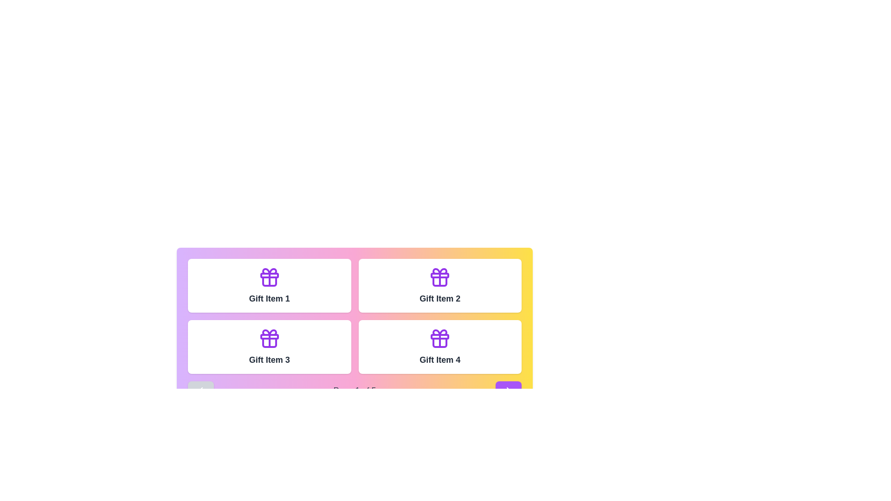 This screenshot has width=891, height=501. I want to click on the text label displaying 'Page 1 of 5', which is styled with a medium gray font and is part of the pagination navigation bar at the bottom of the interface, so click(354, 390).